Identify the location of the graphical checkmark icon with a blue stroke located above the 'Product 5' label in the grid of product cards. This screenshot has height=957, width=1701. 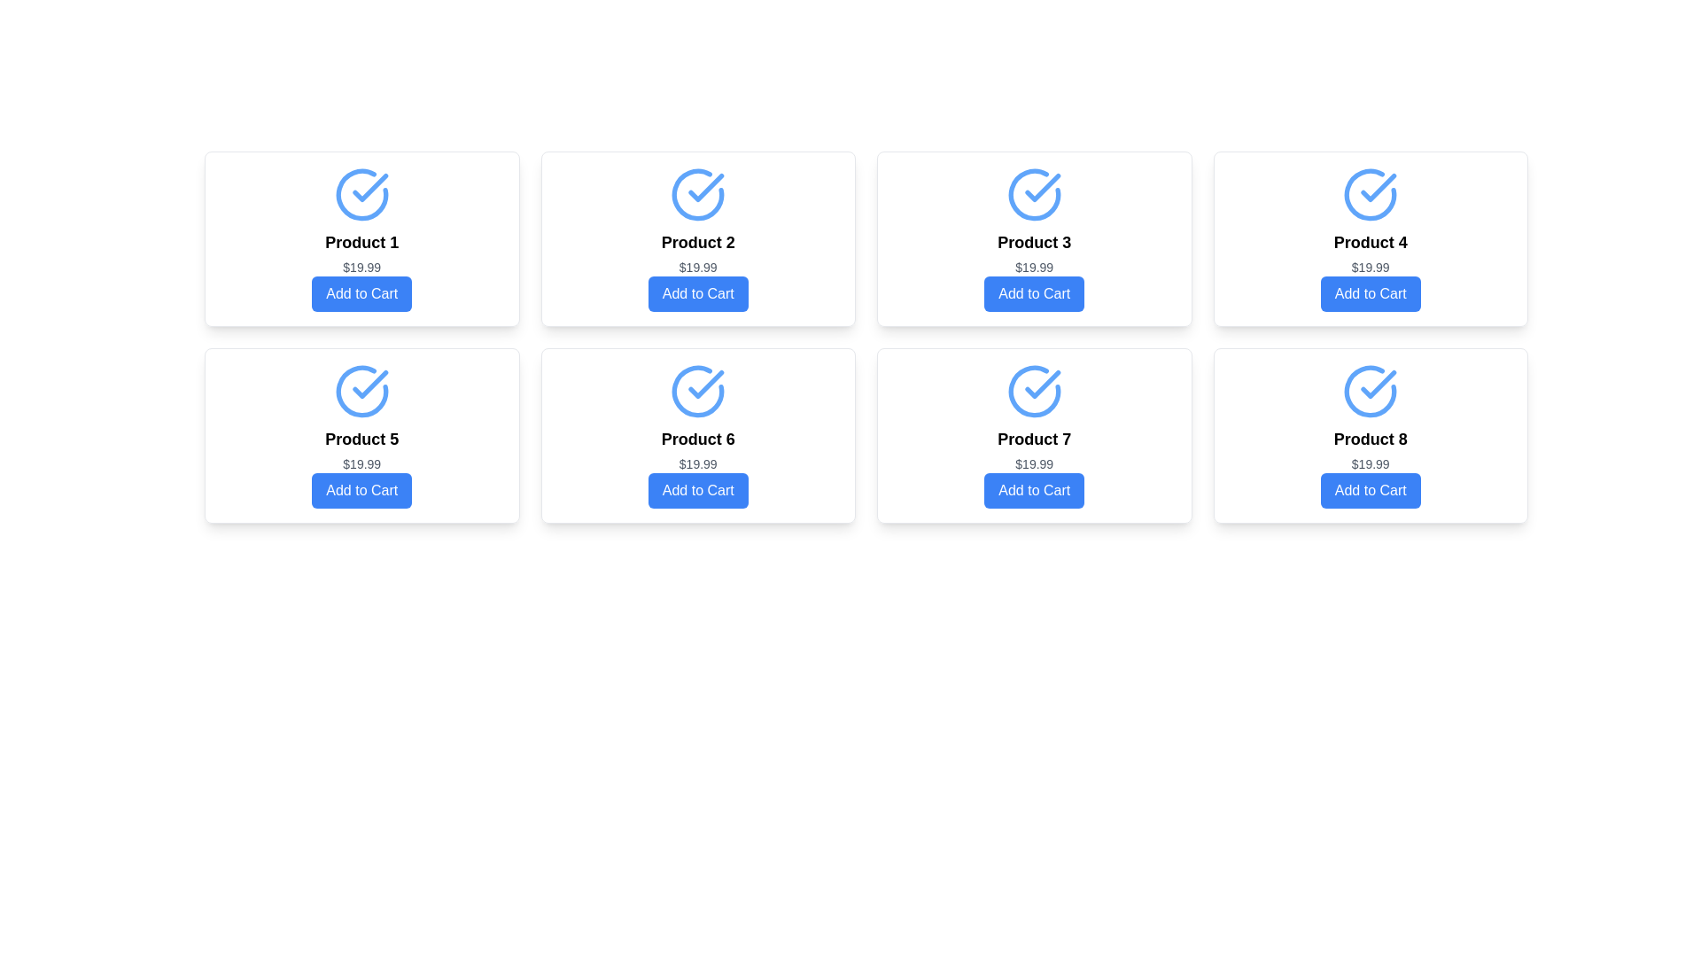
(369, 384).